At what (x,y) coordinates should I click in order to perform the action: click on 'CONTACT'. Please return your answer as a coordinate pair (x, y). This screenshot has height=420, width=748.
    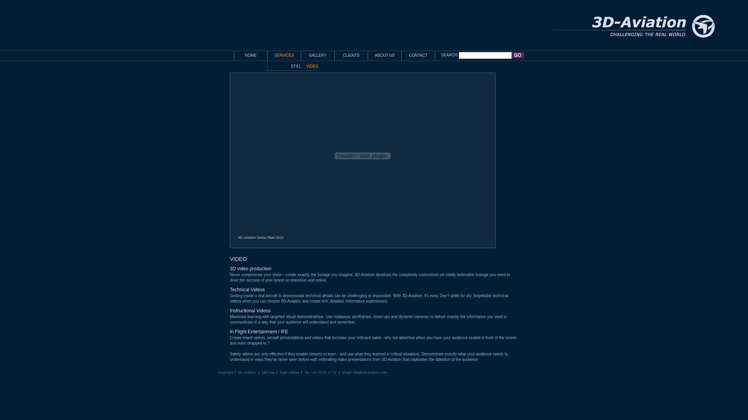
    Looking at the image, I should click on (402, 55).